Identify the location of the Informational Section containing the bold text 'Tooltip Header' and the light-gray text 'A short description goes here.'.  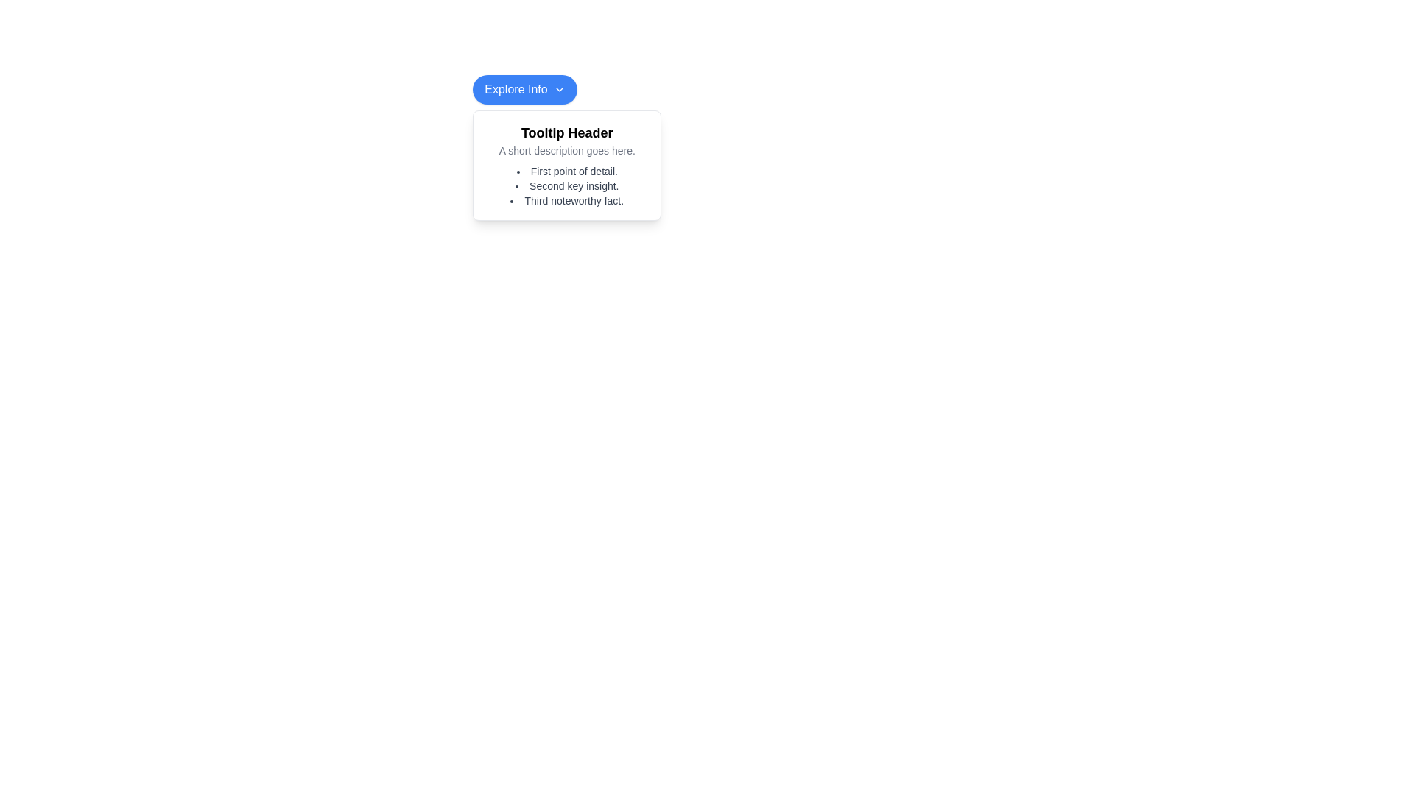
(566, 141).